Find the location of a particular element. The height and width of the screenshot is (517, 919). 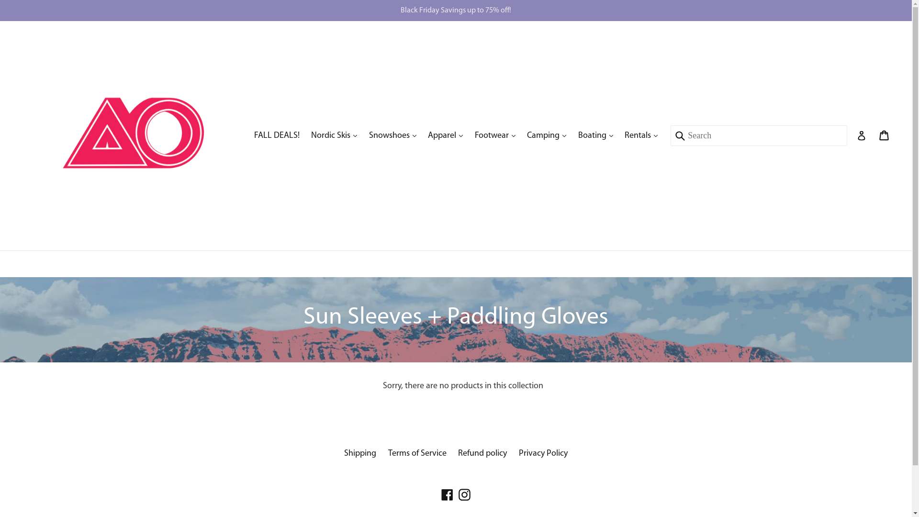

'Cart is located at coordinates (884, 135).